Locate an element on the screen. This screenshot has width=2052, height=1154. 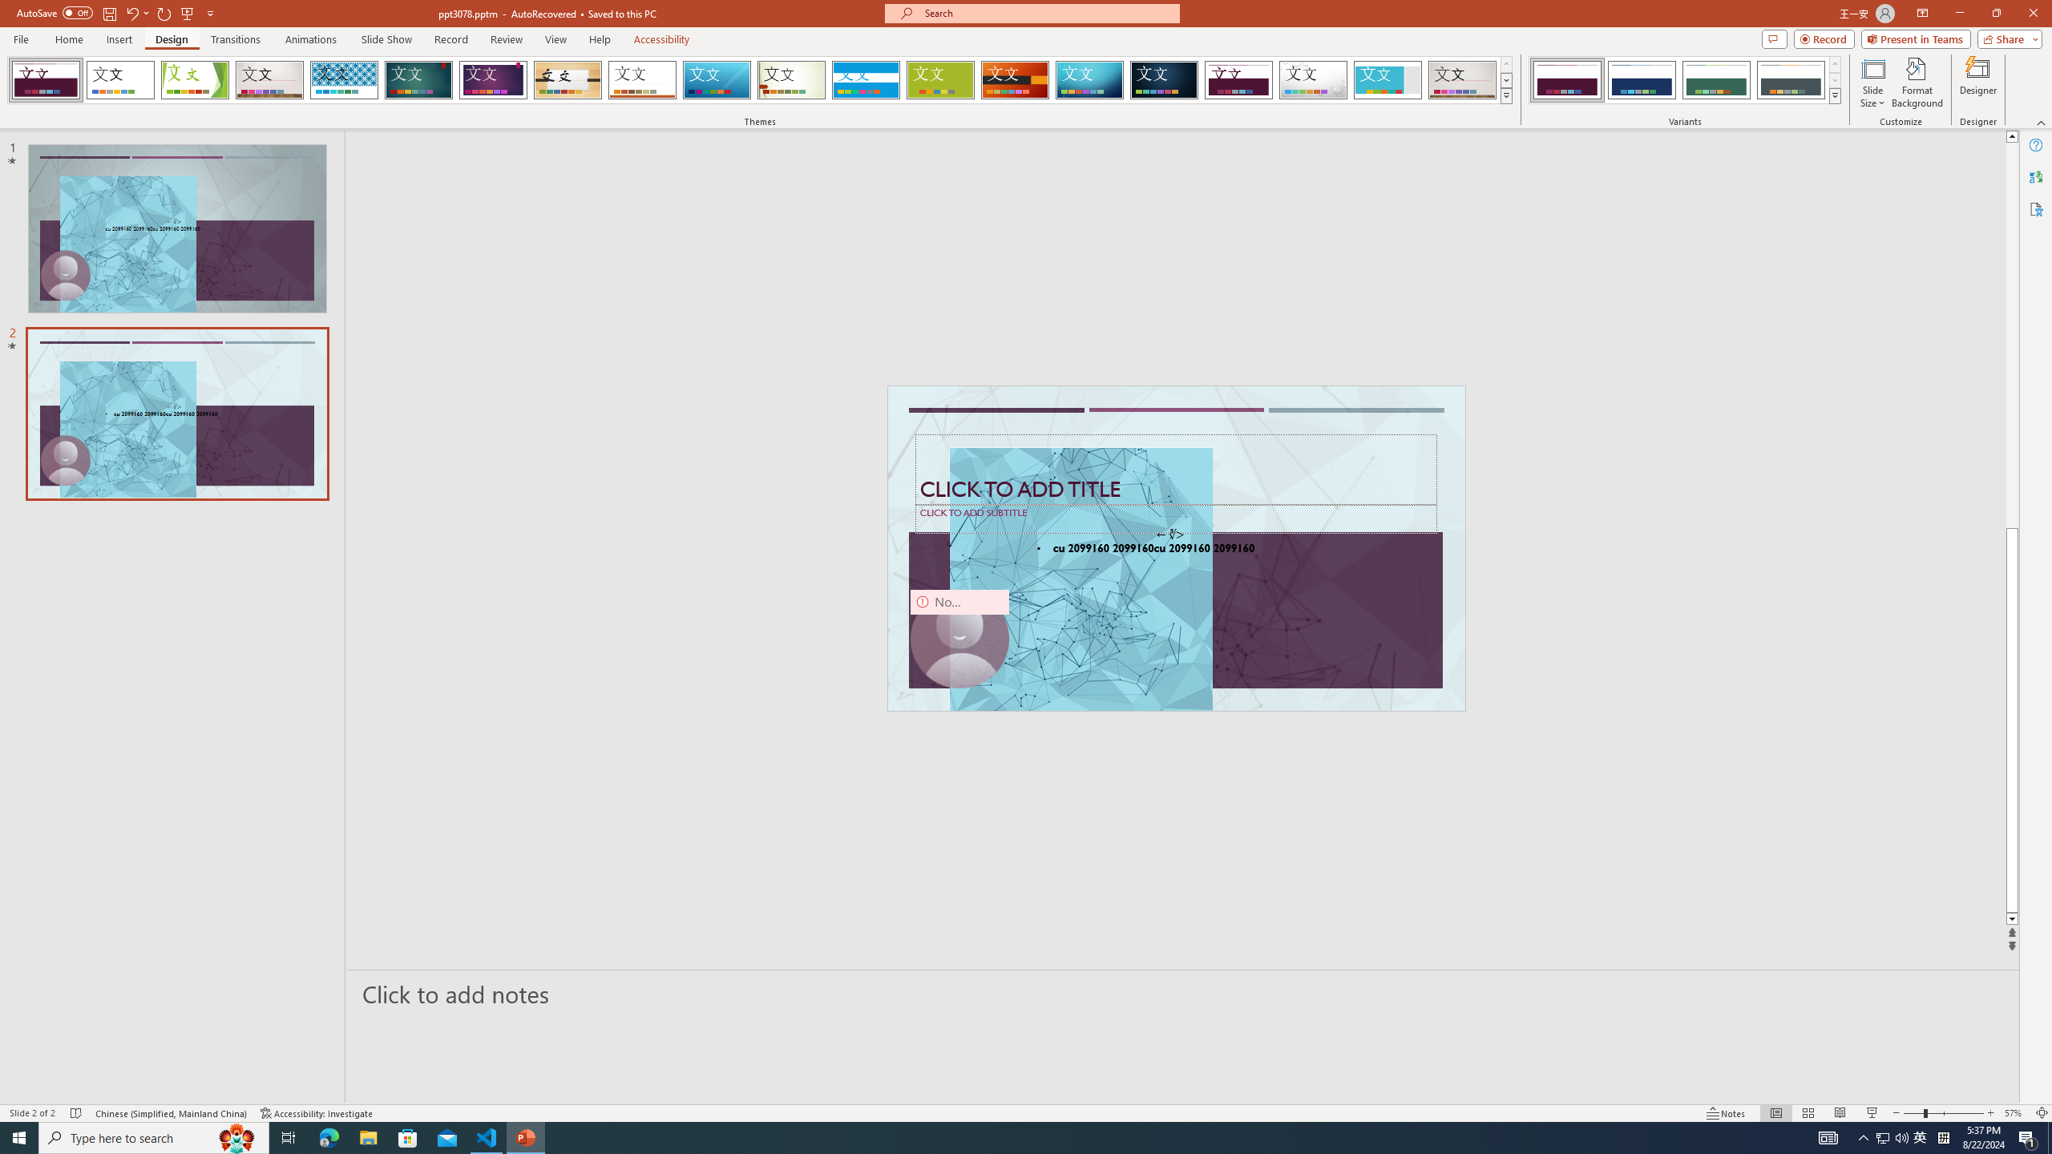
'Title TextBox' is located at coordinates (1175, 469).